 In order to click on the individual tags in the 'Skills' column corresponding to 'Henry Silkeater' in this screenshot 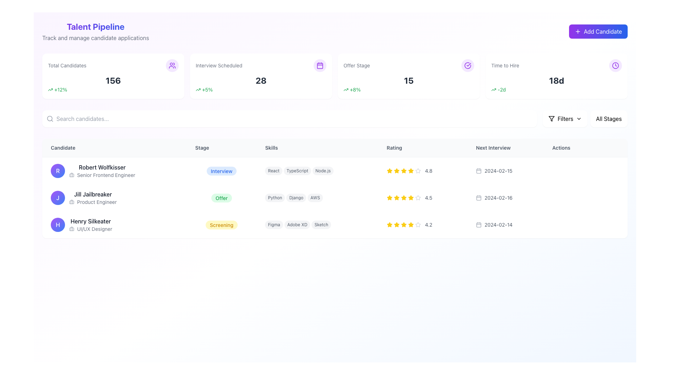, I will do `click(317, 224)`.